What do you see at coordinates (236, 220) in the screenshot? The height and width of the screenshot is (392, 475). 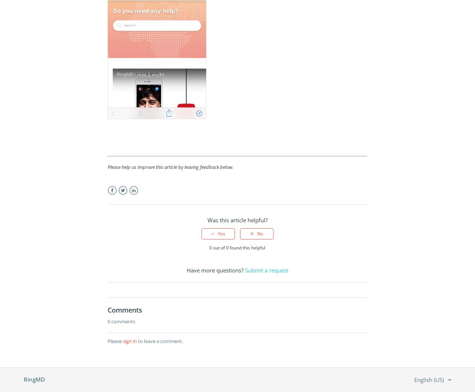 I see `'Was this article helpful?'` at bounding box center [236, 220].